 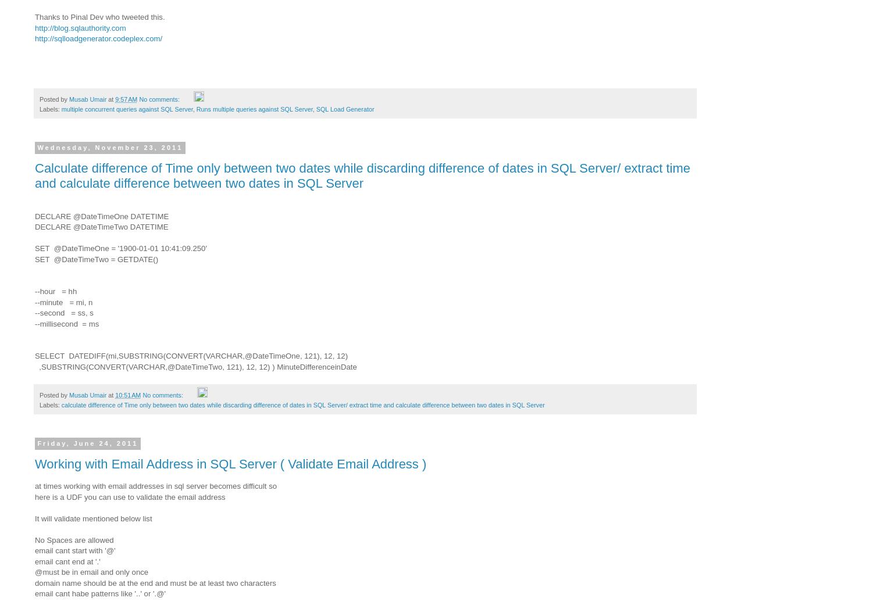 I want to click on 'domain name should be at the end and must be at least two characters', so click(x=35, y=582).